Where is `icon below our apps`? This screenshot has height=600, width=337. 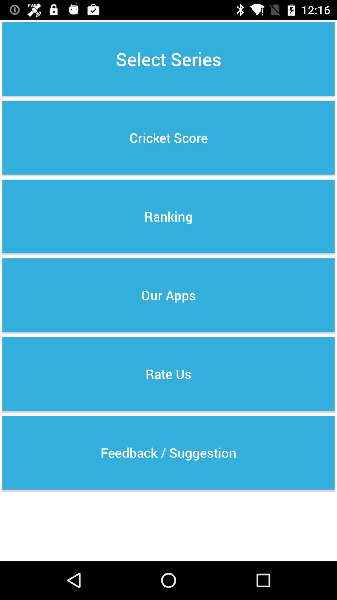 icon below our apps is located at coordinates (168, 374).